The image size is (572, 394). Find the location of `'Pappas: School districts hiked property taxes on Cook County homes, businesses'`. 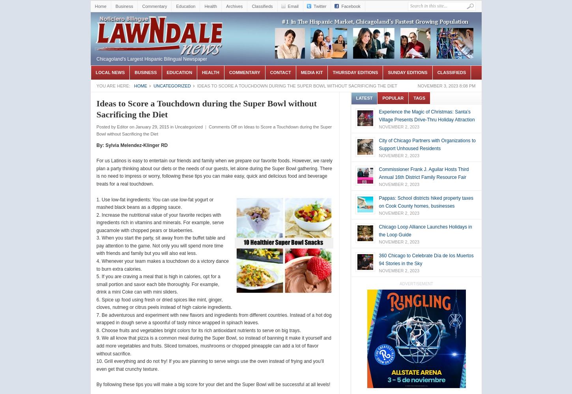

'Pappas: School districts hiked property taxes on Cook County homes, businesses' is located at coordinates (426, 202).